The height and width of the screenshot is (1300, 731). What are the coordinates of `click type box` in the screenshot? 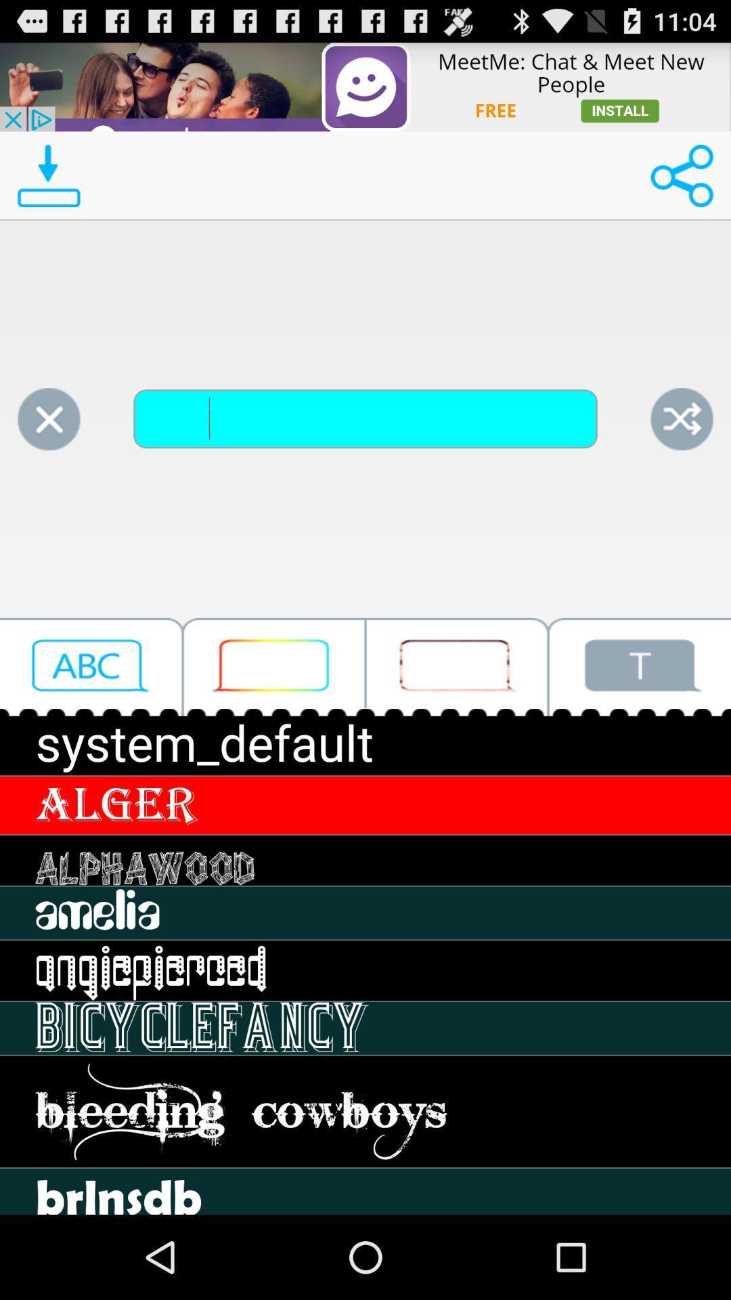 It's located at (274, 667).